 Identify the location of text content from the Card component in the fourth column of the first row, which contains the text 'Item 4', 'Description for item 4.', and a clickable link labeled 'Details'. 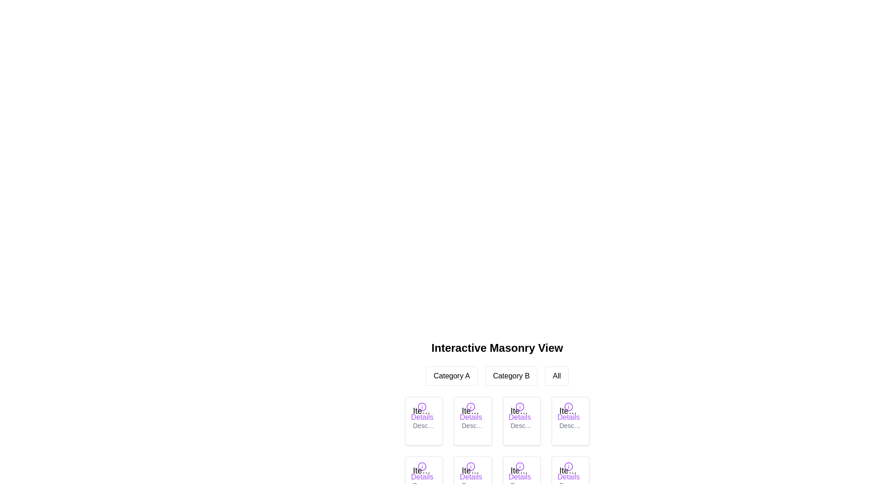
(570, 421).